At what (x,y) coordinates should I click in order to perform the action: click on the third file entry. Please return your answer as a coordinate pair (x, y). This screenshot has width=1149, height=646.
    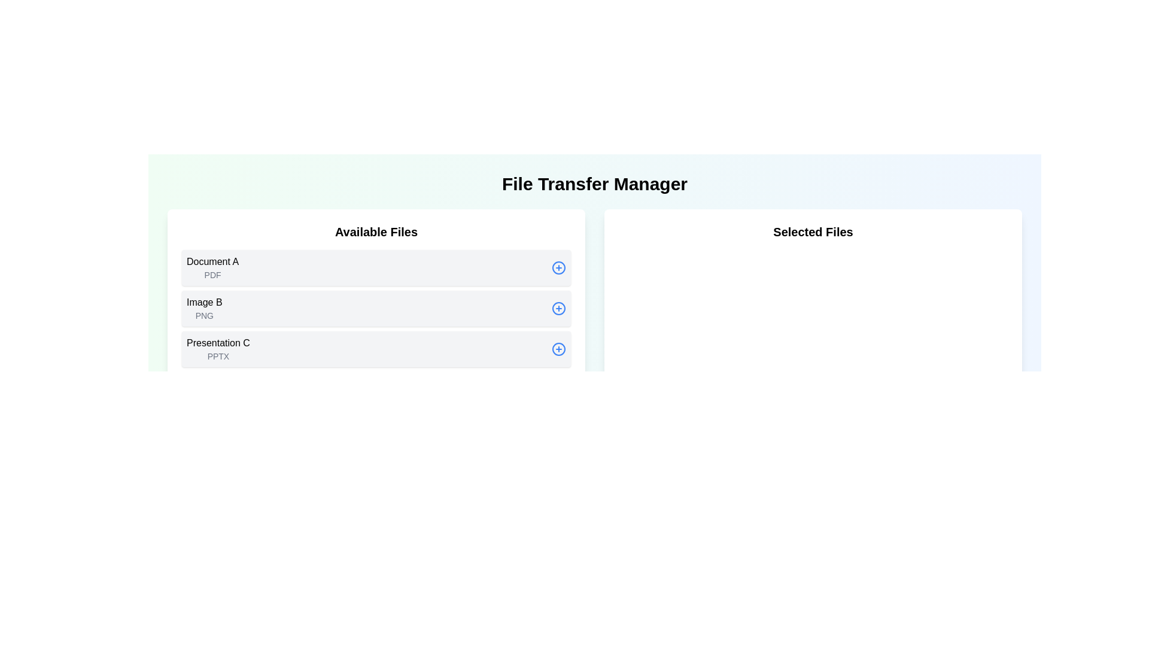
    Looking at the image, I should click on (218, 349).